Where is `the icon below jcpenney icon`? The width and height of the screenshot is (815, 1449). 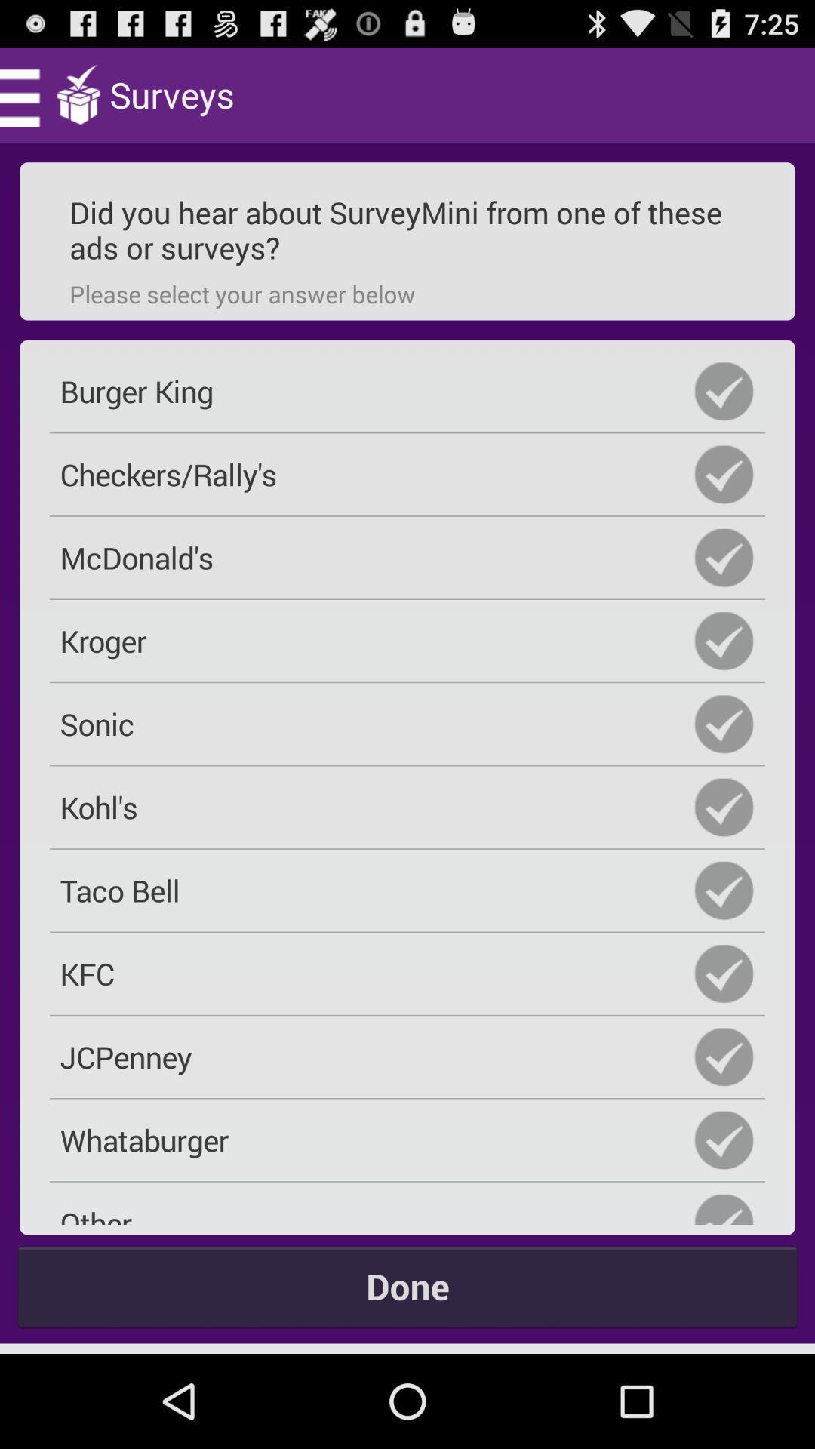
the icon below jcpenney icon is located at coordinates (407, 1140).